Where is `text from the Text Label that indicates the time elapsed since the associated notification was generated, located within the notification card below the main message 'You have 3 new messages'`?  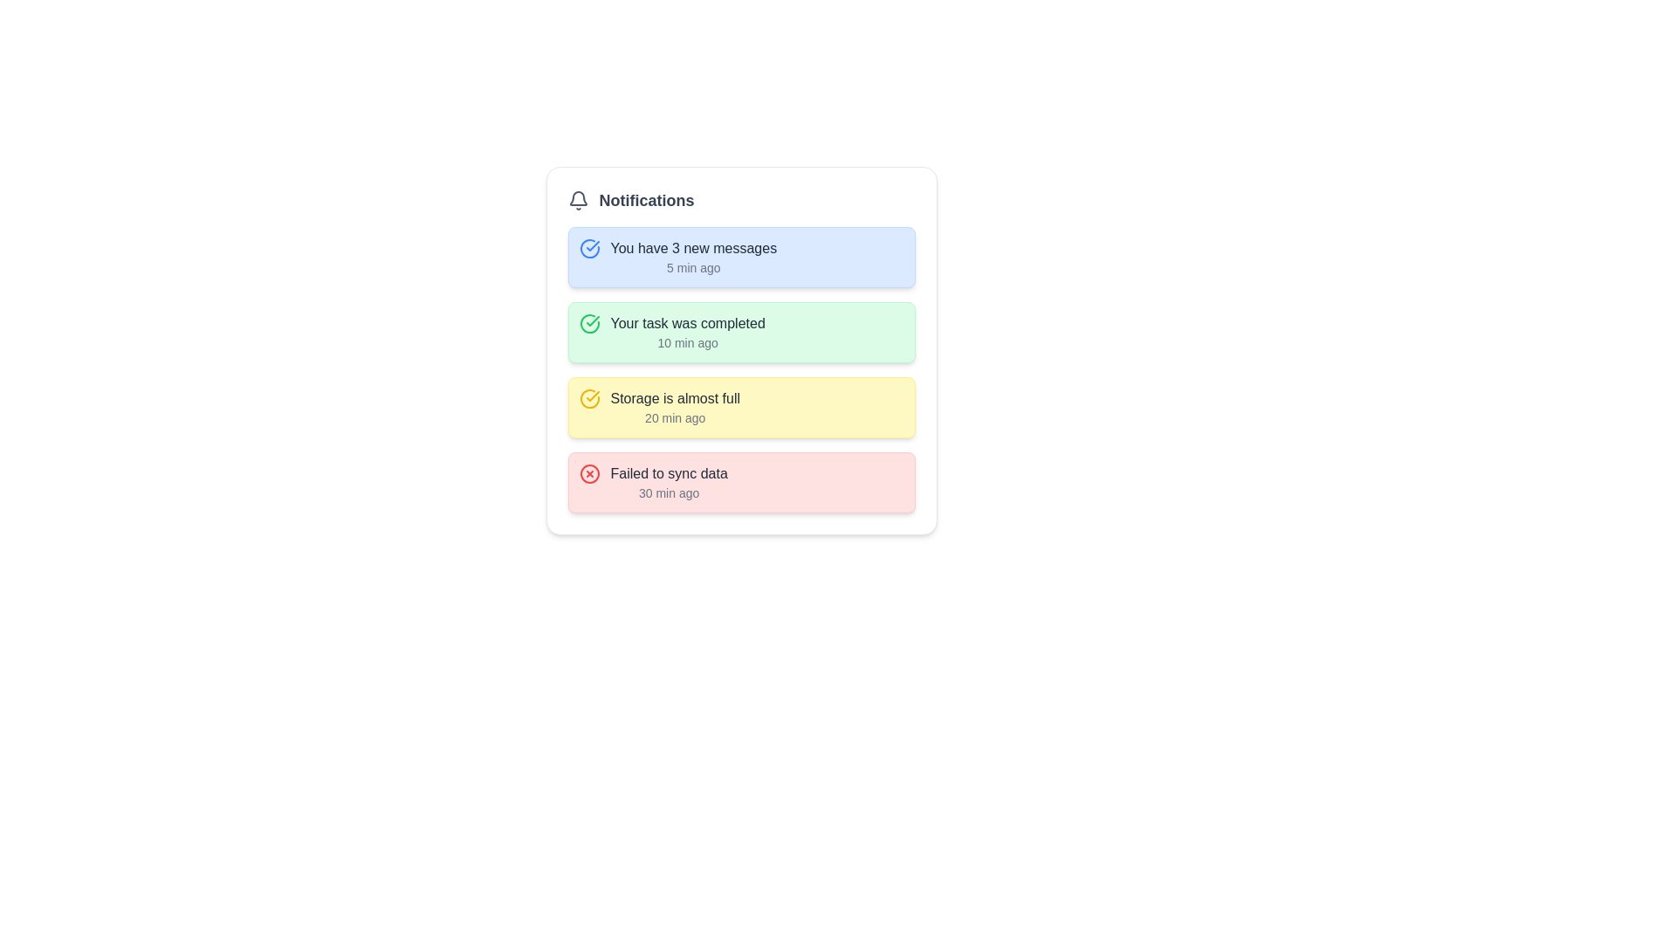 text from the Text Label that indicates the time elapsed since the associated notification was generated, located within the notification card below the main message 'You have 3 new messages' is located at coordinates (692, 268).